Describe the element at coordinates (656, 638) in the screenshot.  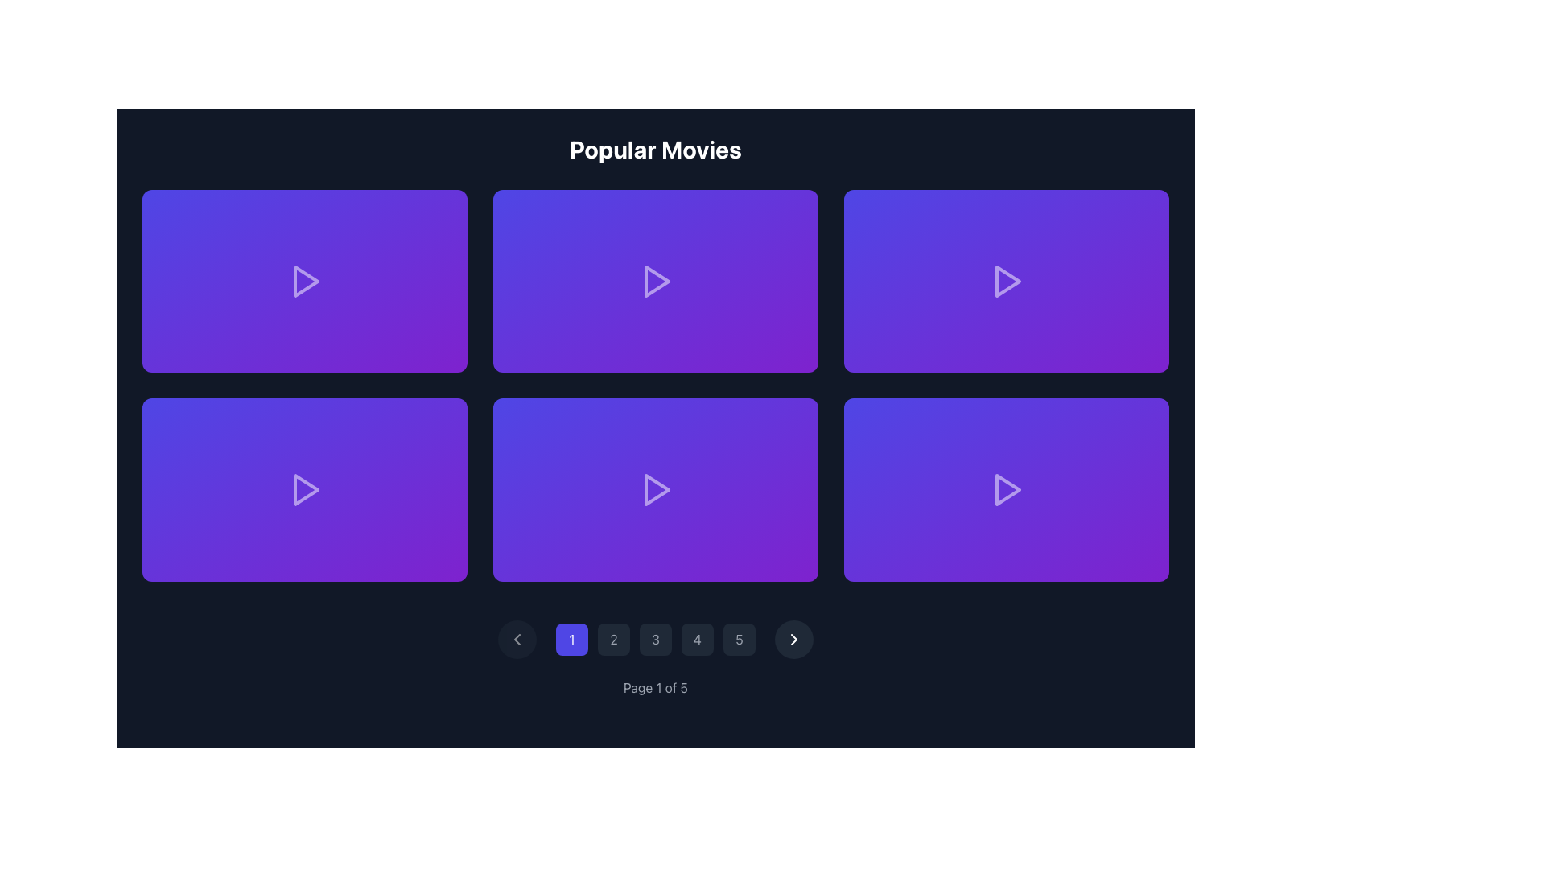
I see `the button displaying the number '3', which is styled as a square with a rounded border and located in the center of the navigation controls below the main content grid` at that location.